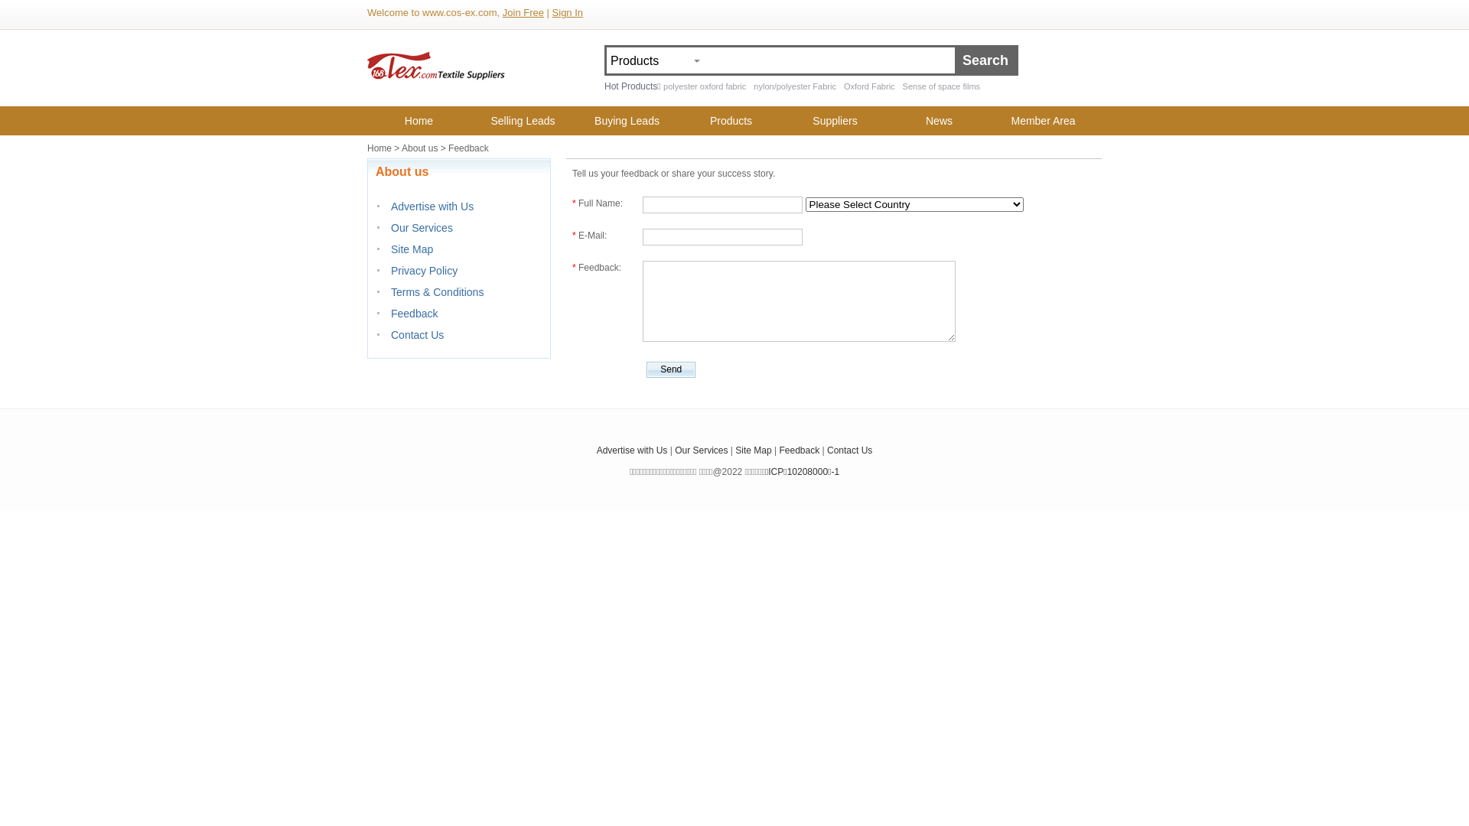 The width and height of the screenshot is (1469, 826). I want to click on 'Selling Leads', so click(523, 120).